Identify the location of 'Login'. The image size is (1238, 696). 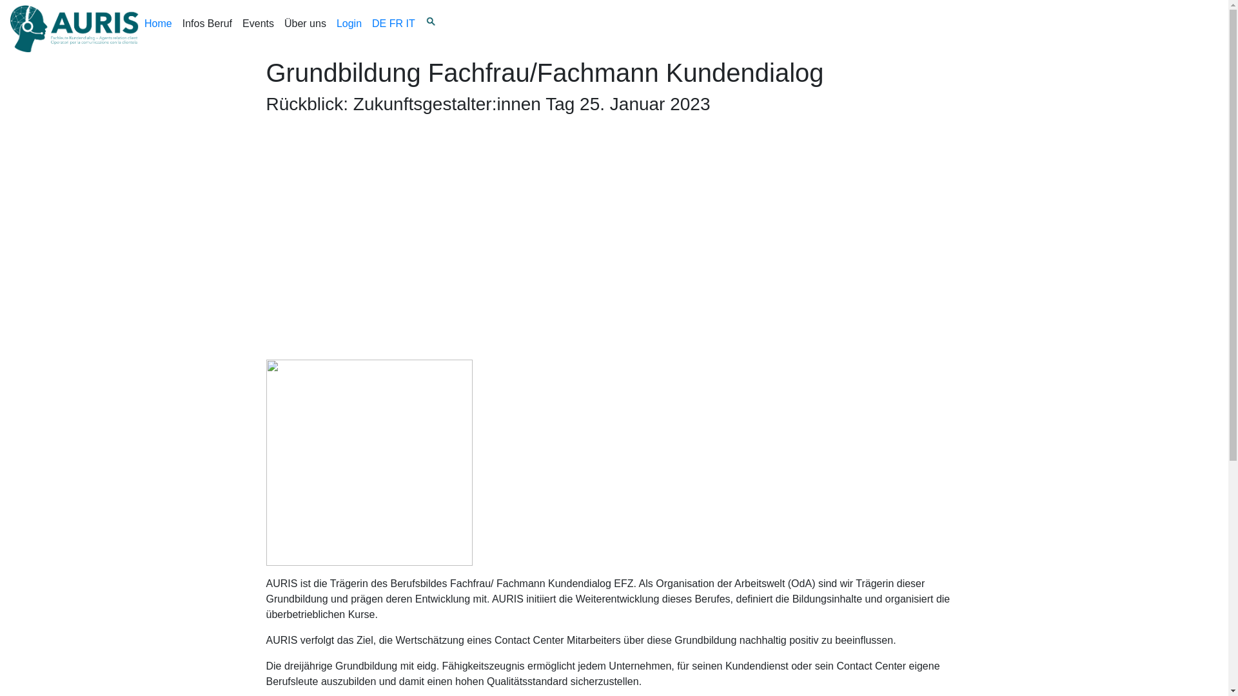
(349, 29).